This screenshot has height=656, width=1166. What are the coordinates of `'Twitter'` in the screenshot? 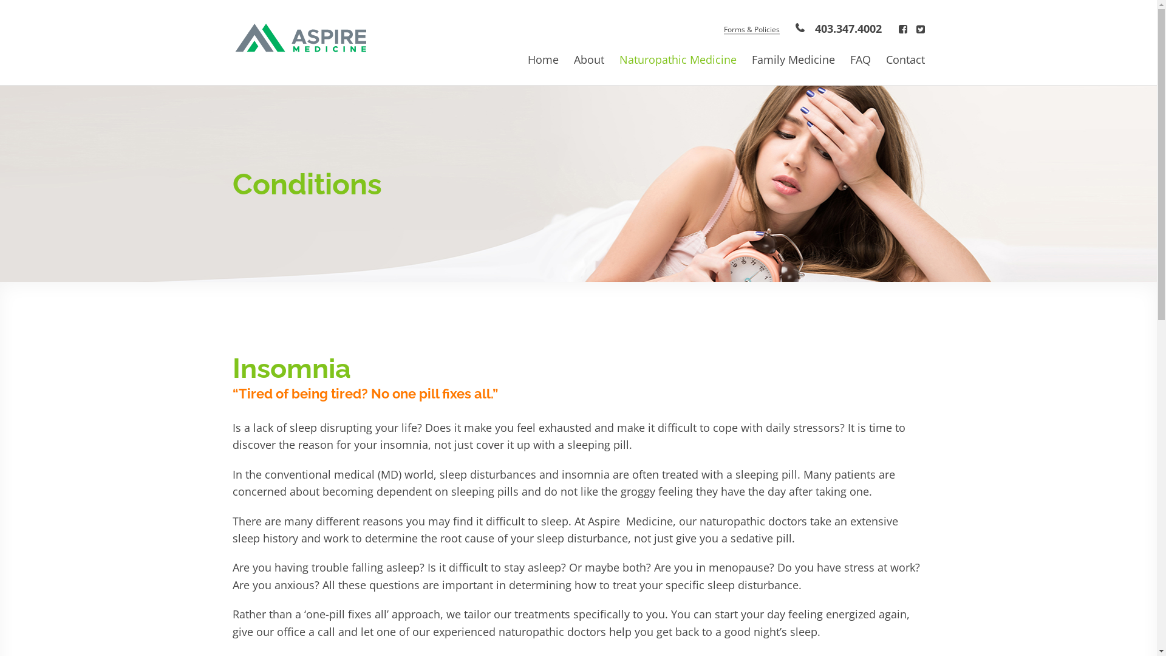 It's located at (920, 28).